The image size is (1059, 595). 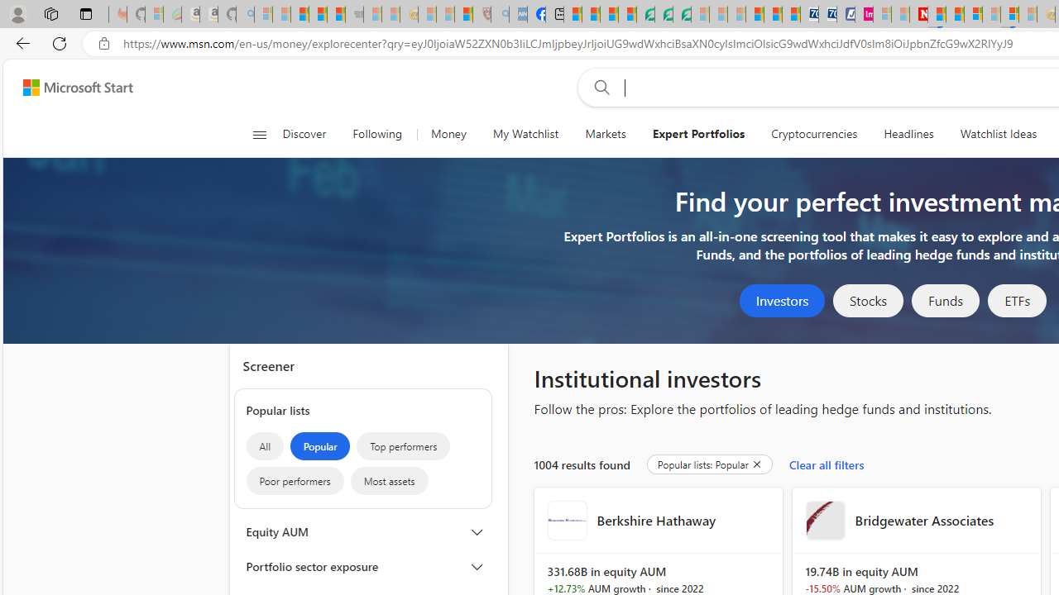 What do you see at coordinates (814, 134) in the screenshot?
I see `'Cryptocurrencies'` at bounding box center [814, 134].